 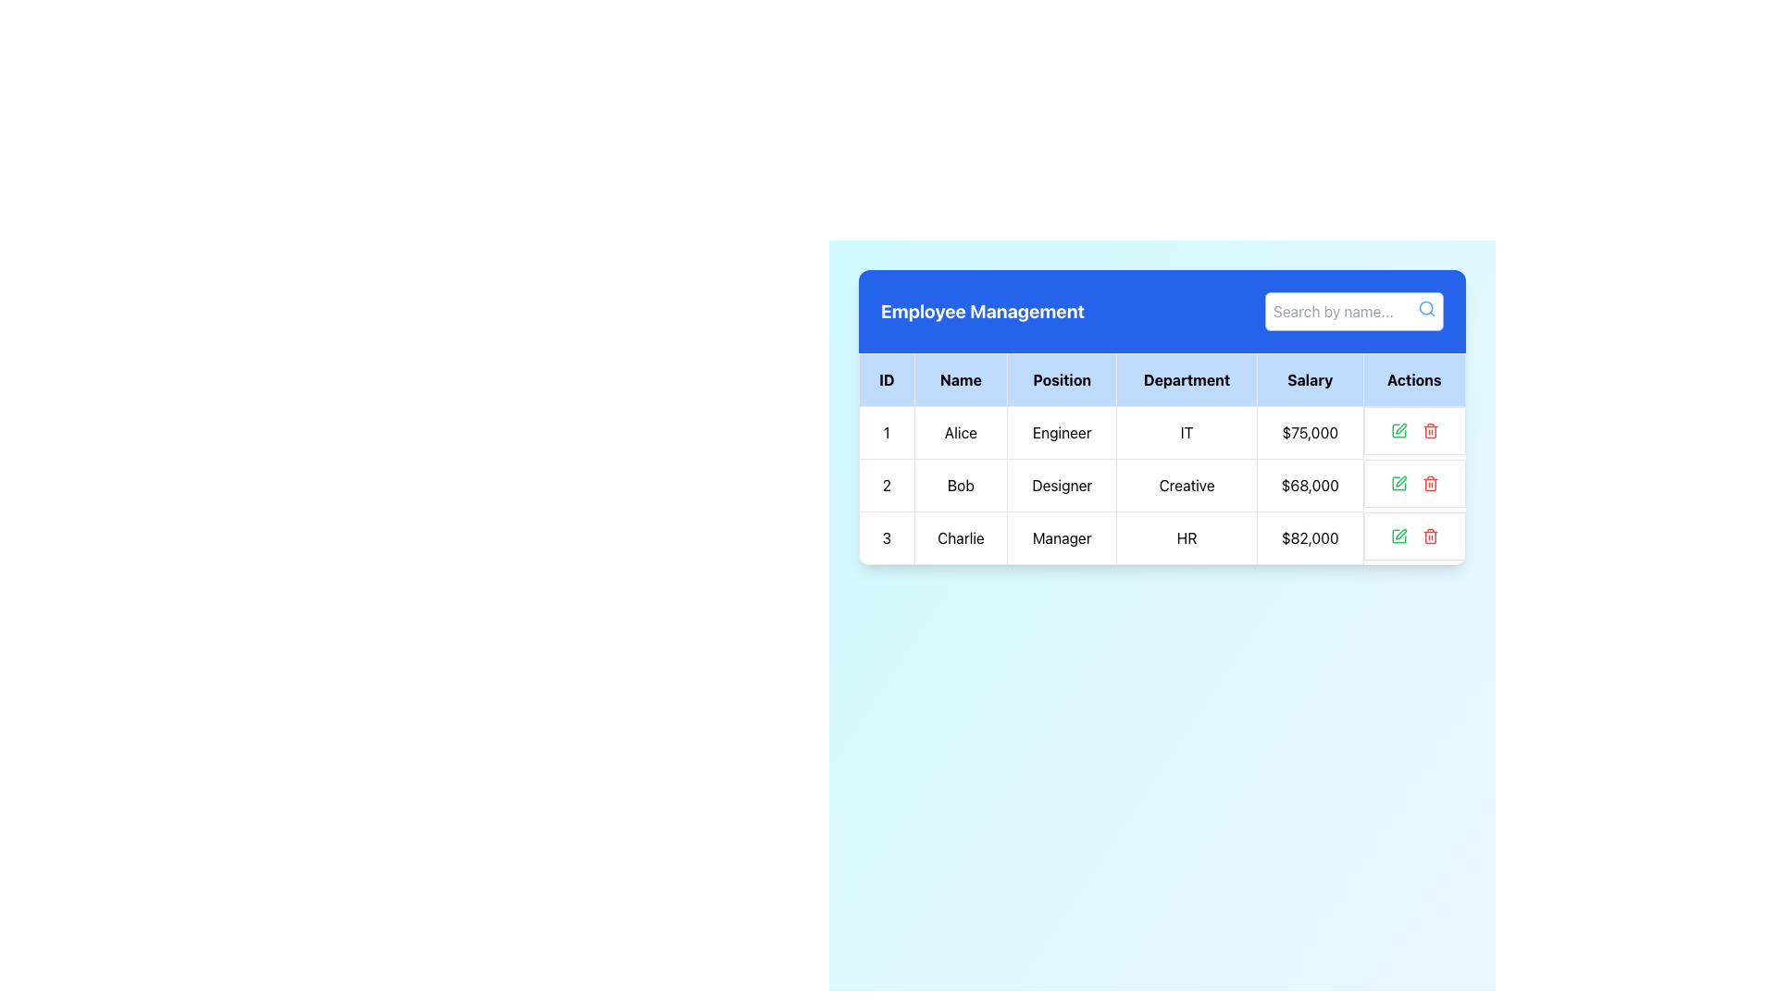 I want to click on text information from the second data row in the employee table, which is located between the rows for Alice and Charlie, so click(x=1162, y=484).